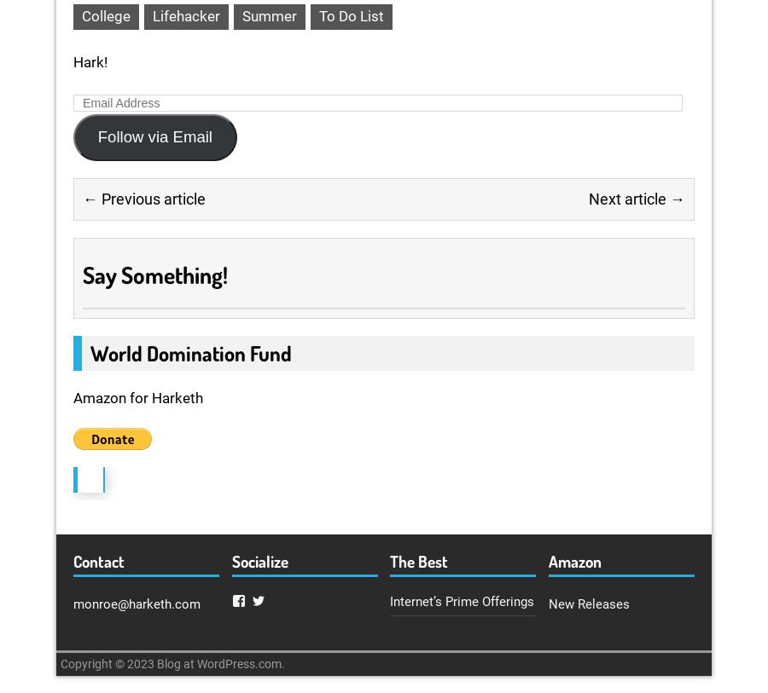 The height and width of the screenshot is (693, 768). What do you see at coordinates (636, 198) in the screenshot?
I see `'Next article →'` at bounding box center [636, 198].